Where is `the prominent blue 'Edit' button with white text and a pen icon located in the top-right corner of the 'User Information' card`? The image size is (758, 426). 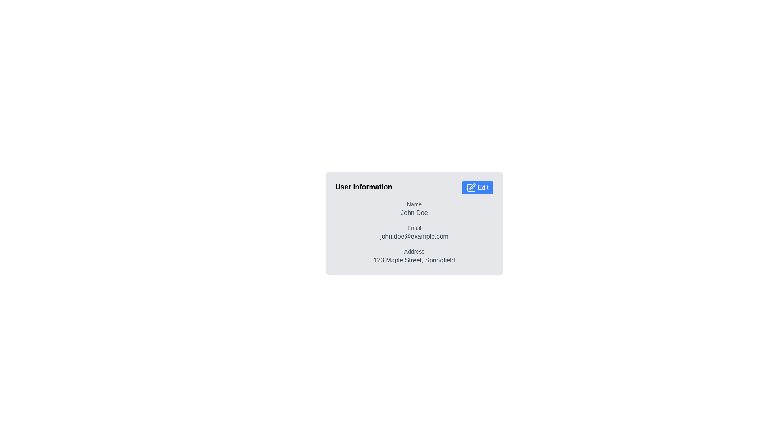 the prominent blue 'Edit' button with white text and a pen icon located in the top-right corner of the 'User Information' card is located at coordinates (477, 187).